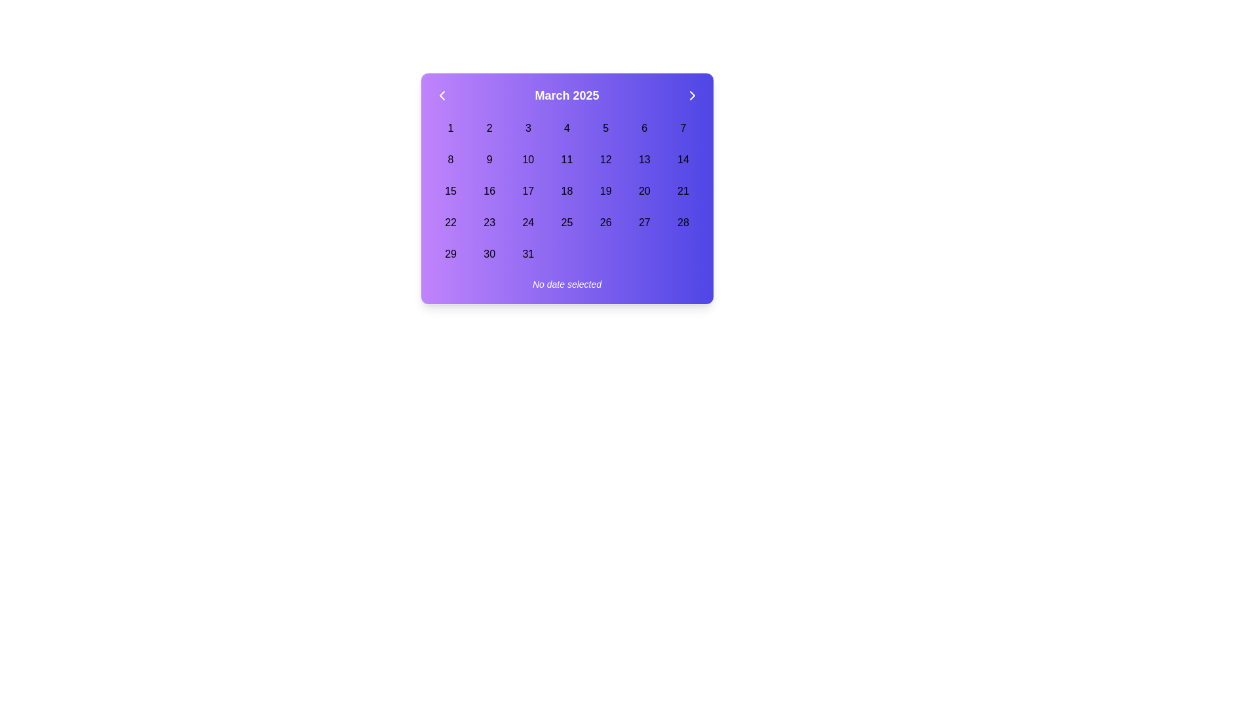 This screenshot has height=708, width=1258. Describe the element at coordinates (489, 191) in the screenshot. I see `the date selection button labeled '16' in the calendar grid` at that location.